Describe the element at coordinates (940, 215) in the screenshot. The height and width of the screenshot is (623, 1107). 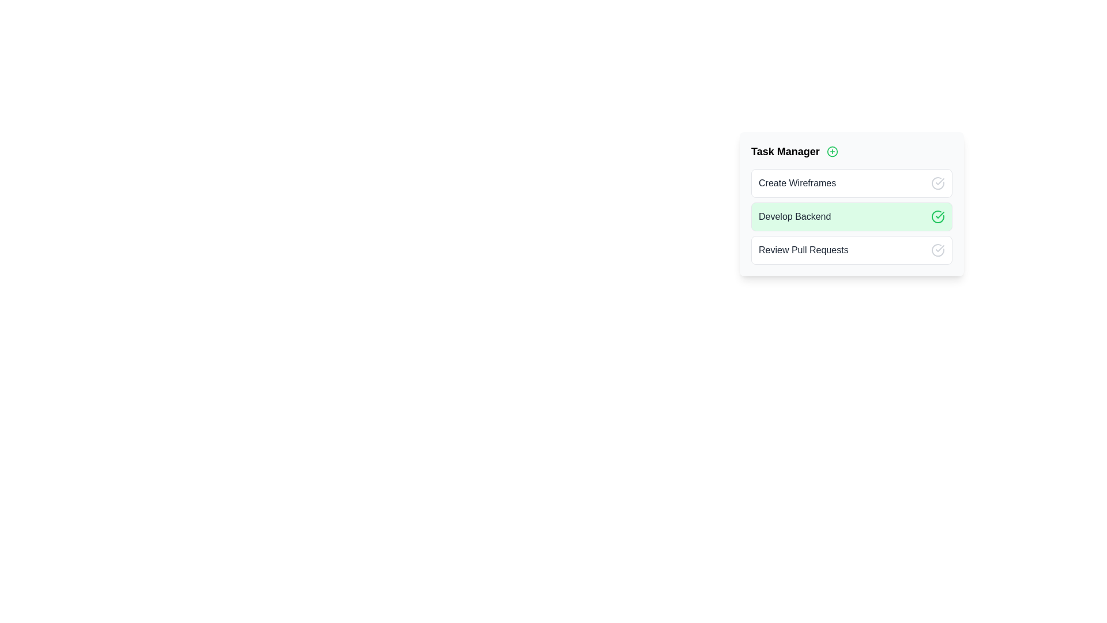
I see `the green checkmark icon indicating task completion for the 'Develop Backend' task in the 'Task Manager' interface` at that location.